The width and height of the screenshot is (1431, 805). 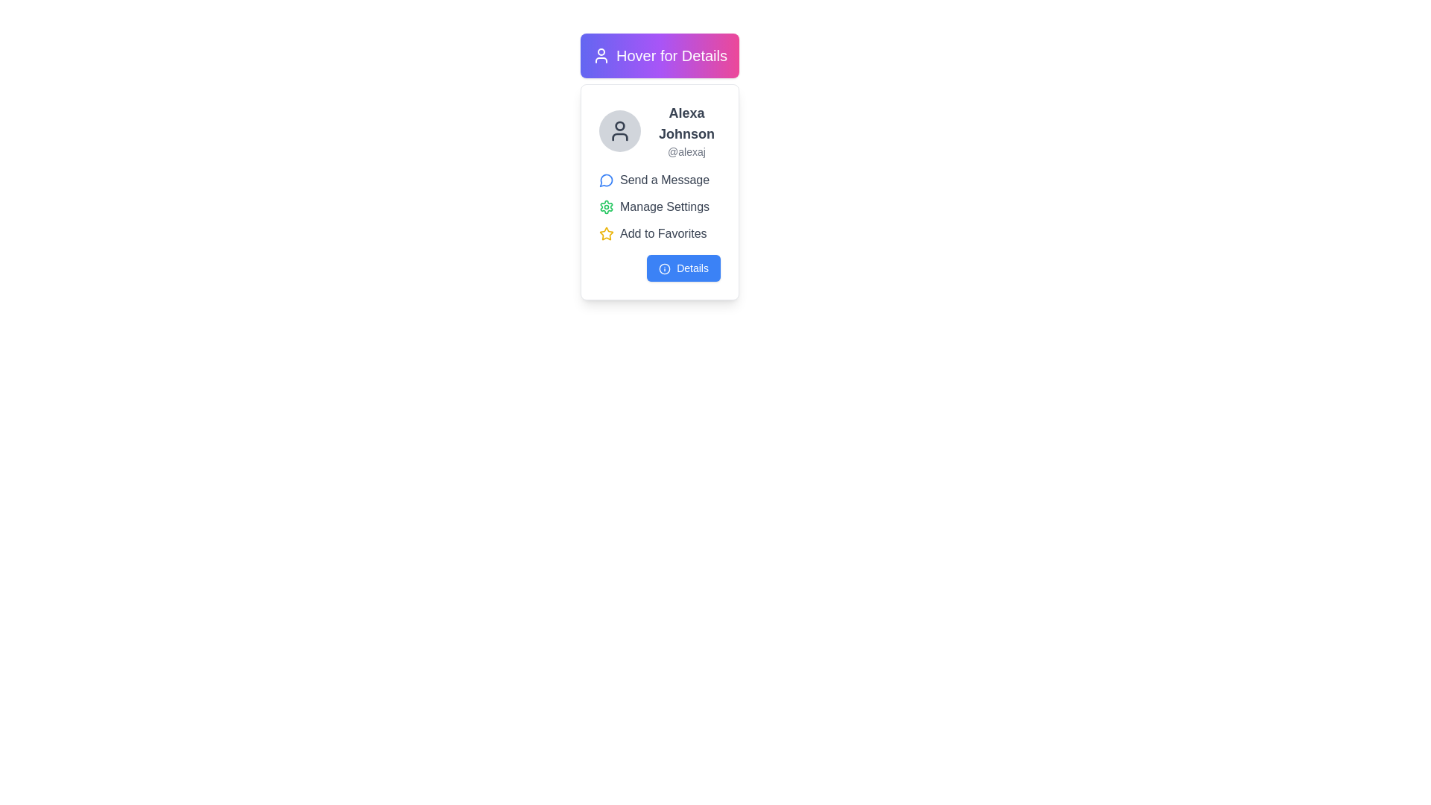 What do you see at coordinates (659, 233) in the screenshot?
I see `the 'Add to Favorites' button` at bounding box center [659, 233].